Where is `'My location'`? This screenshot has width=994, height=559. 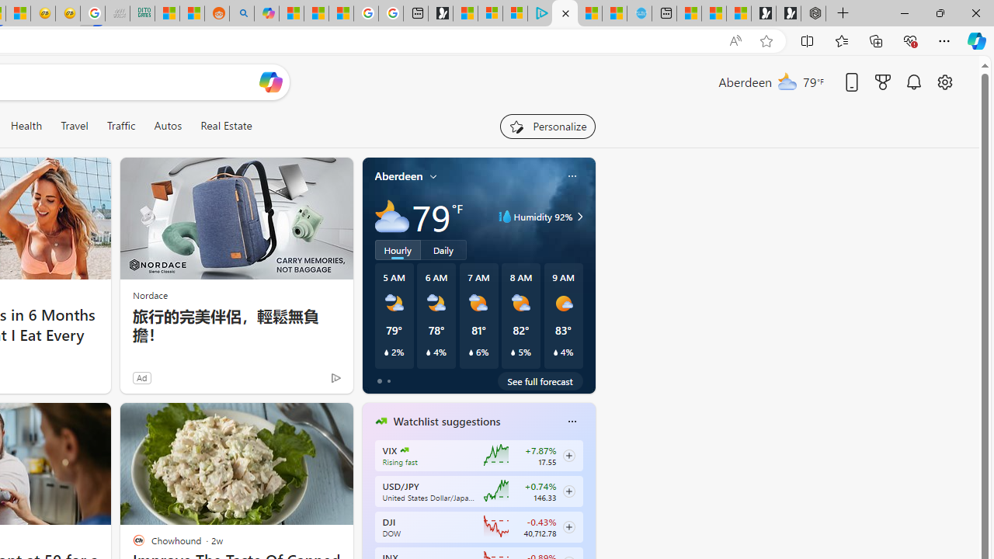
'My location' is located at coordinates (433, 175).